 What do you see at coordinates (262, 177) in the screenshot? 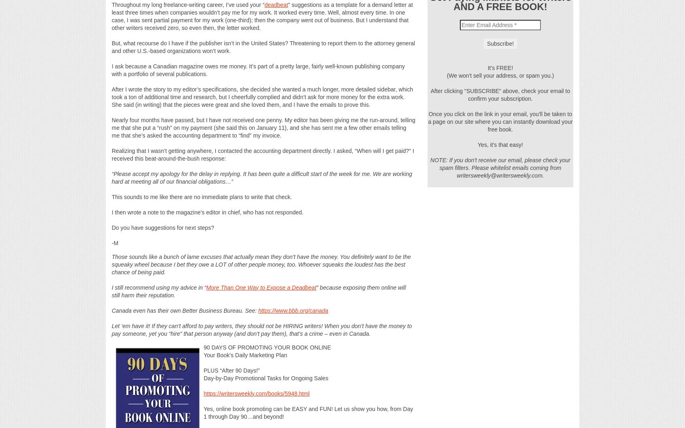
I see `'“Please accept my apology for the delay in replying. It has been quite a difficult start of the week for me. We are working hard at meeting all of our financial obligations…”'` at bounding box center [262, 177].